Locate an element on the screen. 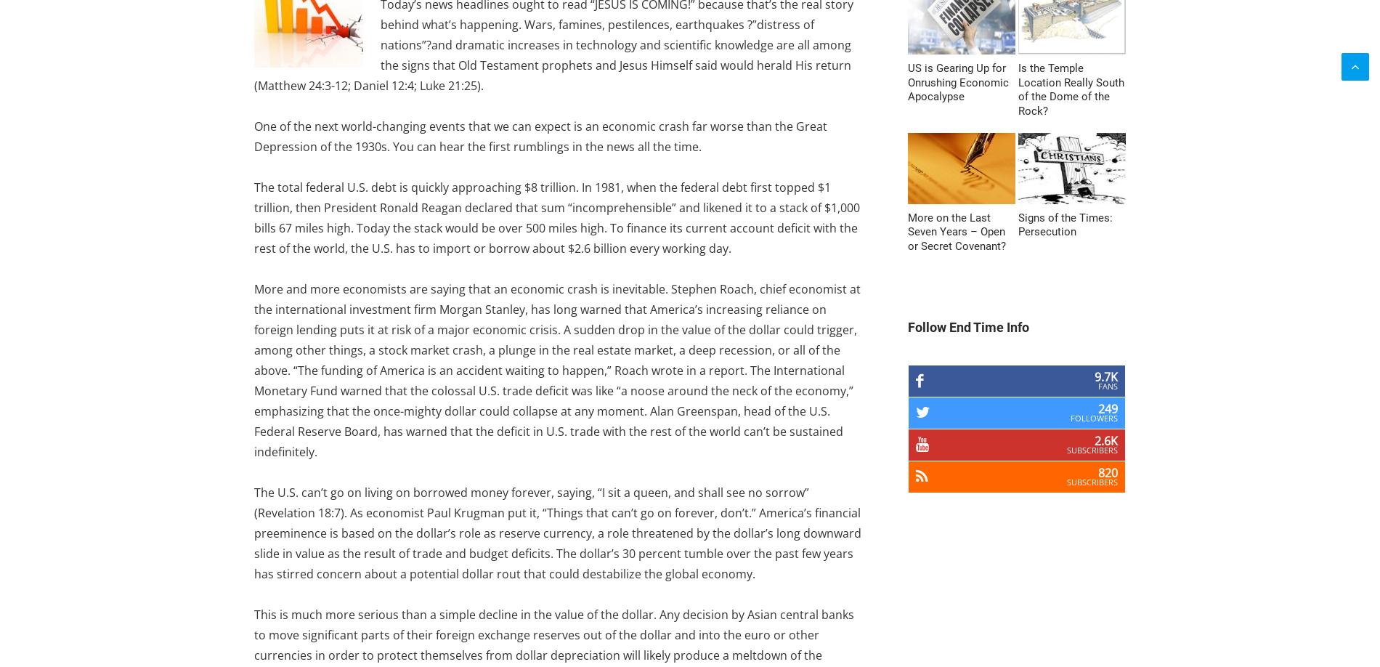  '249' is located at coordinates (1108, 408).